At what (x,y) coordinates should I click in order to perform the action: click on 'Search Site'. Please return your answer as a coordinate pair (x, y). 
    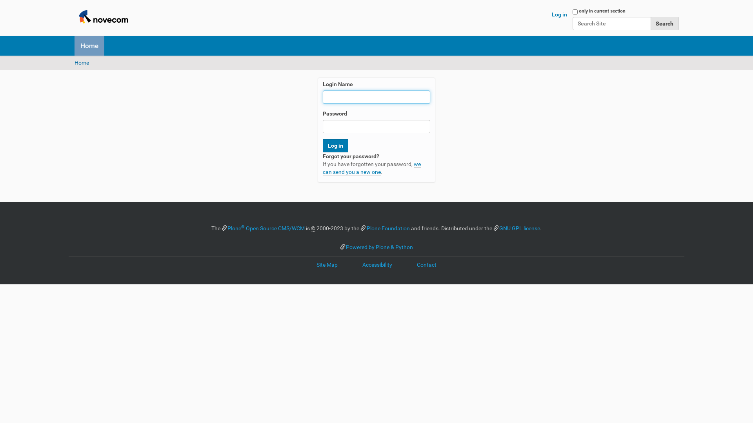
    Looking at the image, I should click on (572, 23).